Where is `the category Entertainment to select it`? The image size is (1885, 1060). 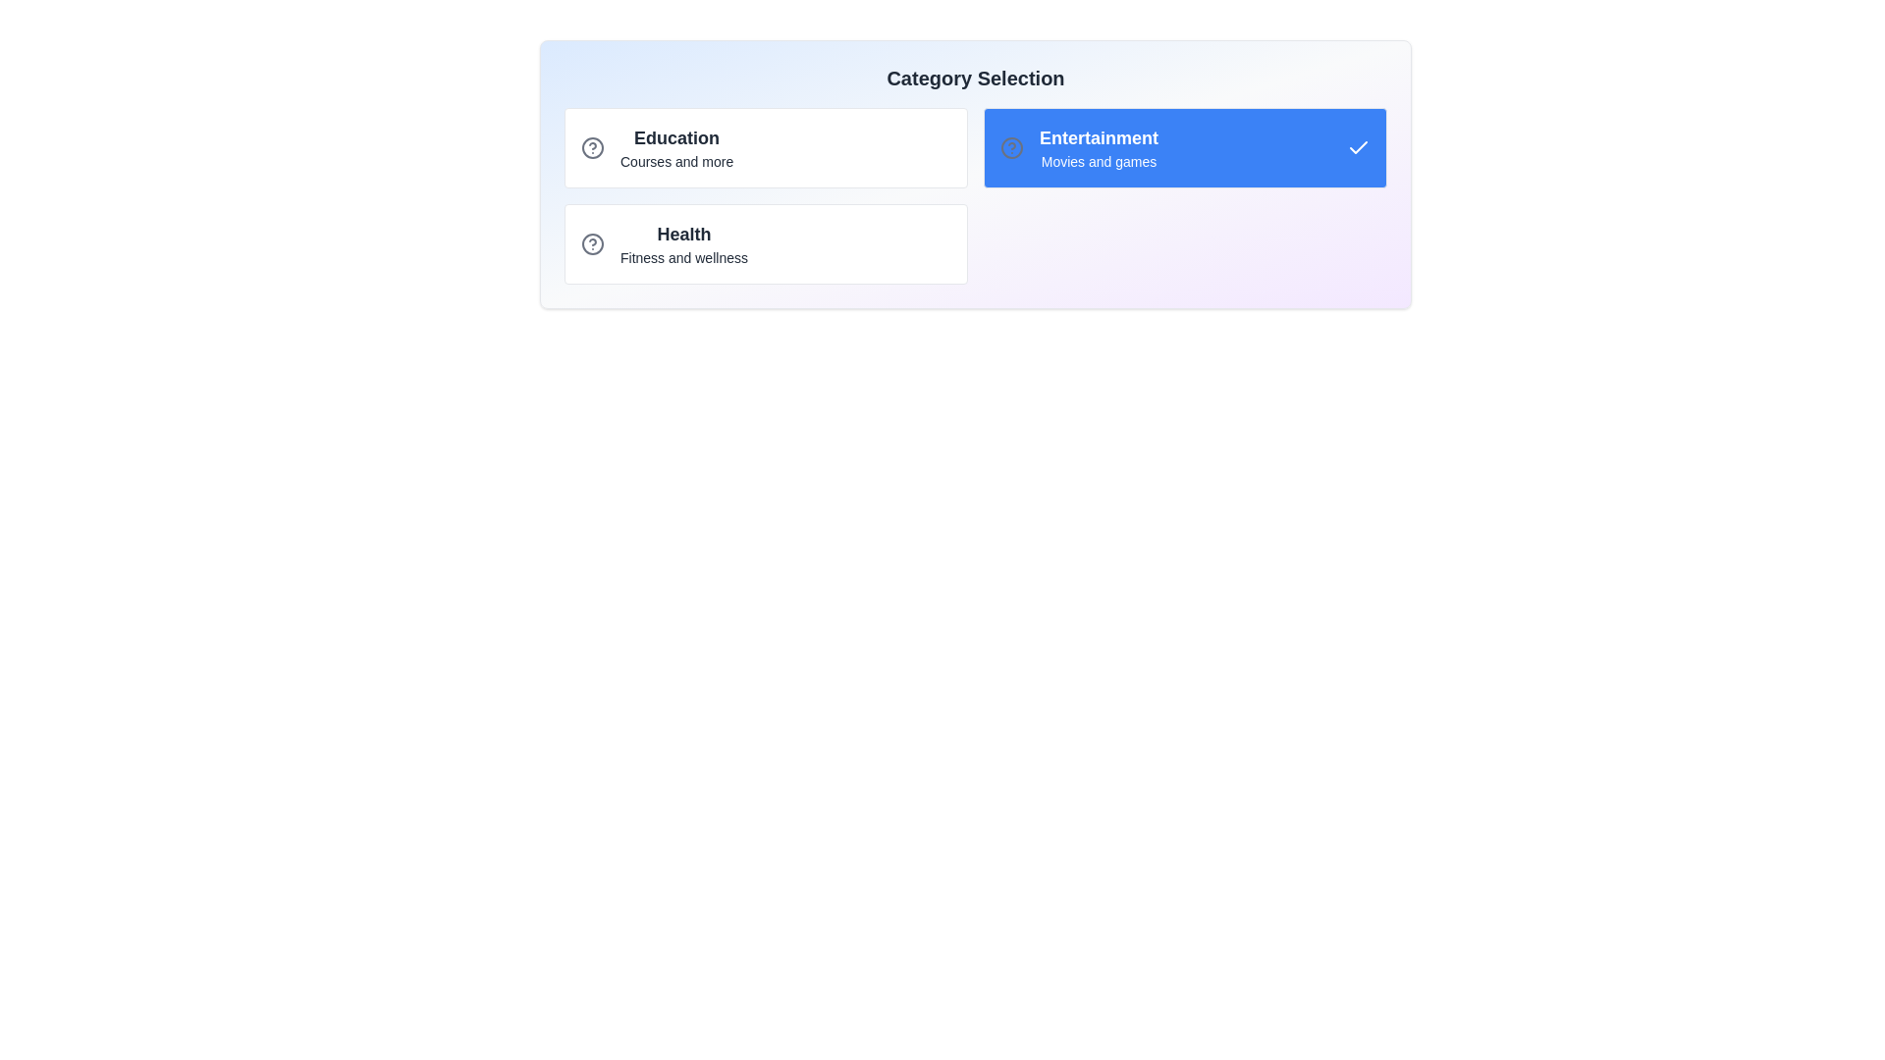 the category Entertainment to select it is located at coordinates (1184, 146).